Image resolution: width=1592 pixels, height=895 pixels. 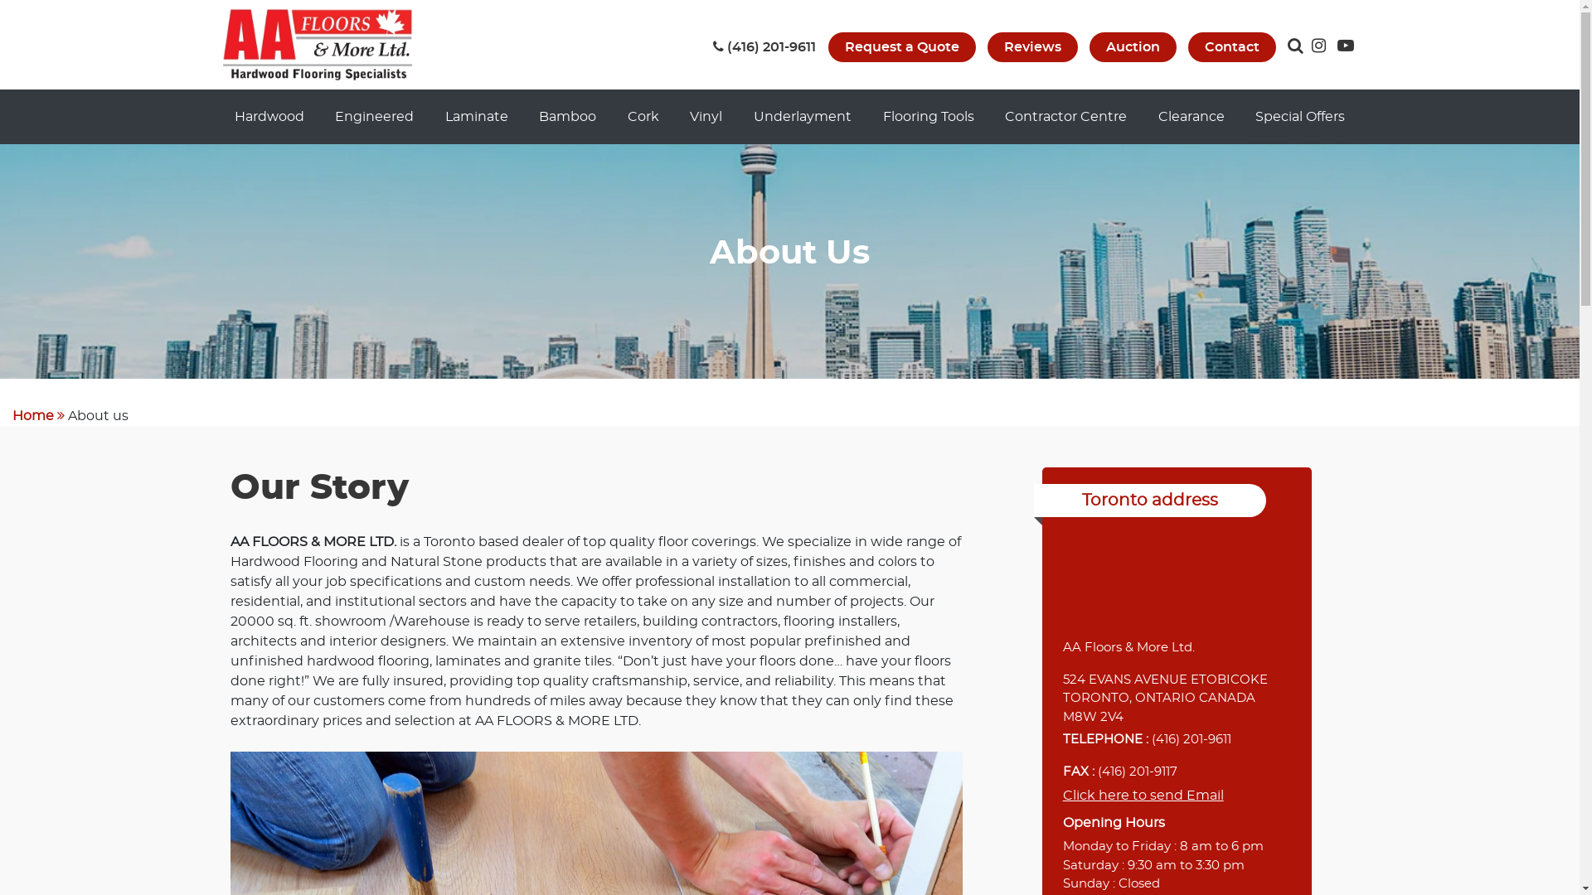 I want to click on 'Click here to send Email', so click(x=1142, y=795).